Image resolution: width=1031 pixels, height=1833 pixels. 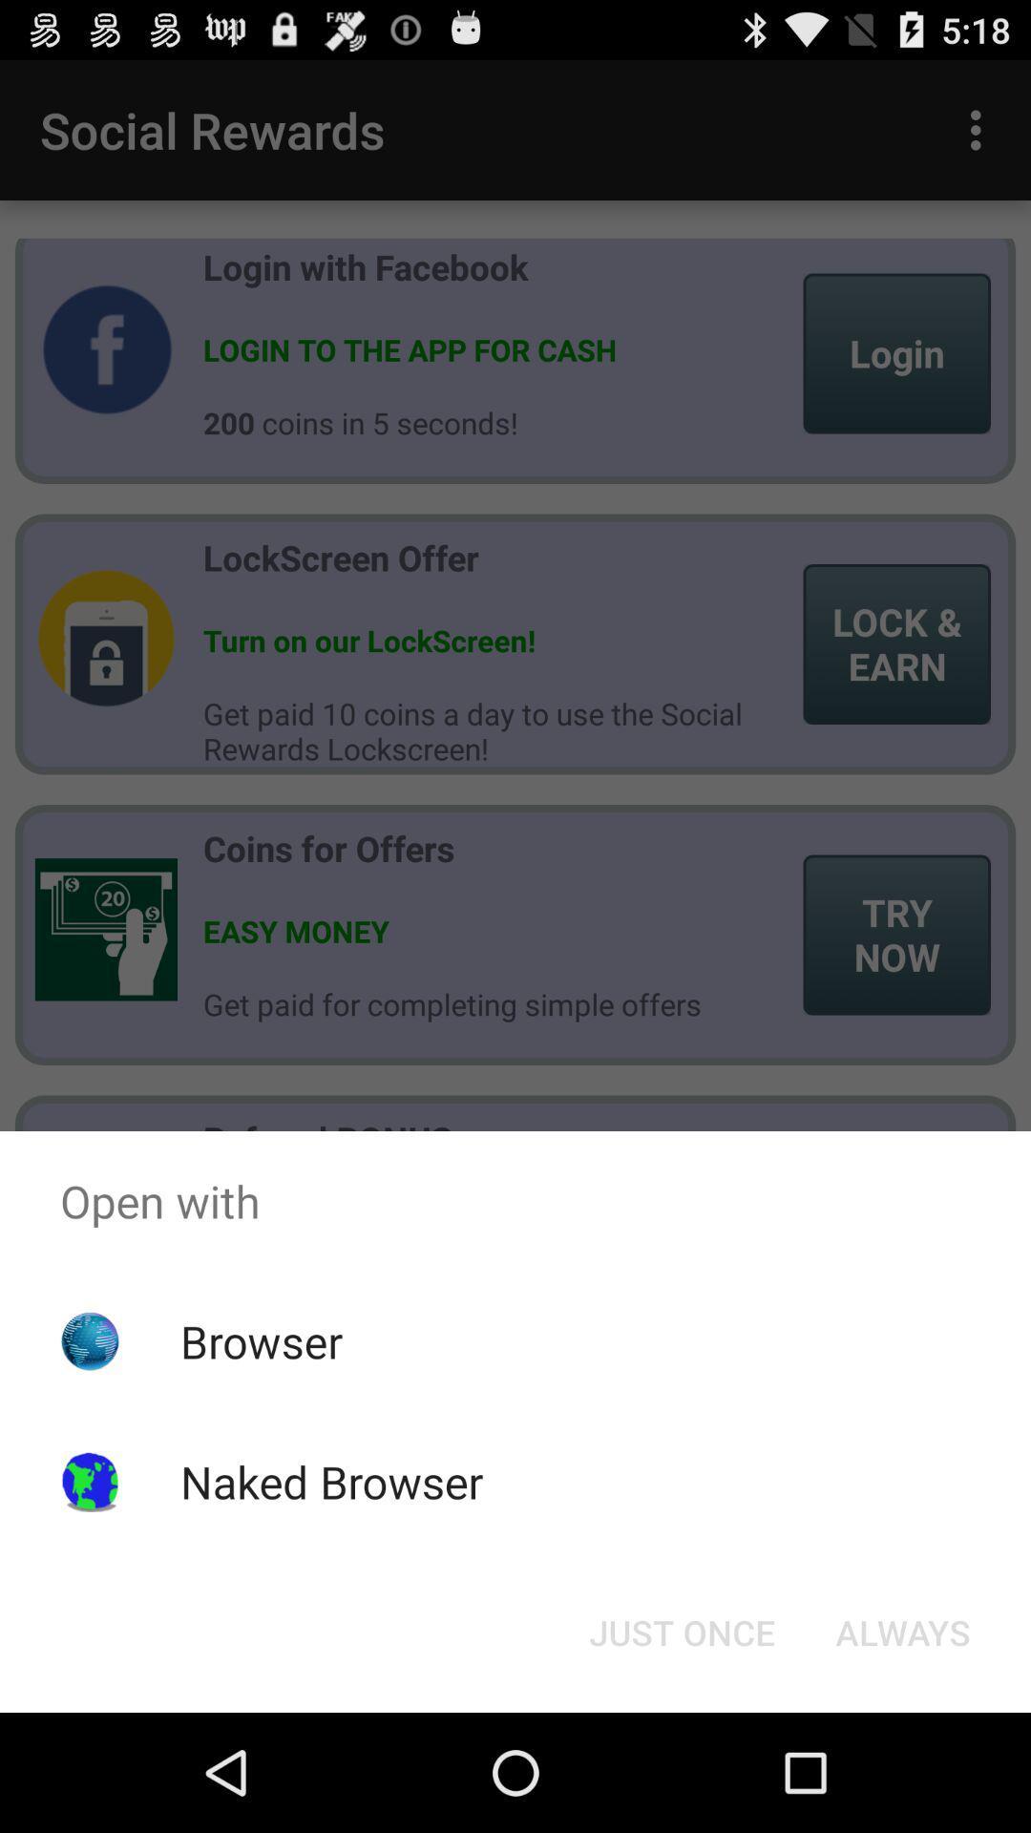 What do you see at coordinates (902, 1631) in the screenshot?
I see `the icon below open with icon` at bounding box center [902, 1631].